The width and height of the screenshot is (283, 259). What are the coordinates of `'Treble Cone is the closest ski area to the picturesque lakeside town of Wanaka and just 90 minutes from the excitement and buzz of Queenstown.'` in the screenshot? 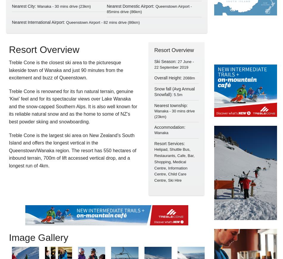 It's located at (9, 70).